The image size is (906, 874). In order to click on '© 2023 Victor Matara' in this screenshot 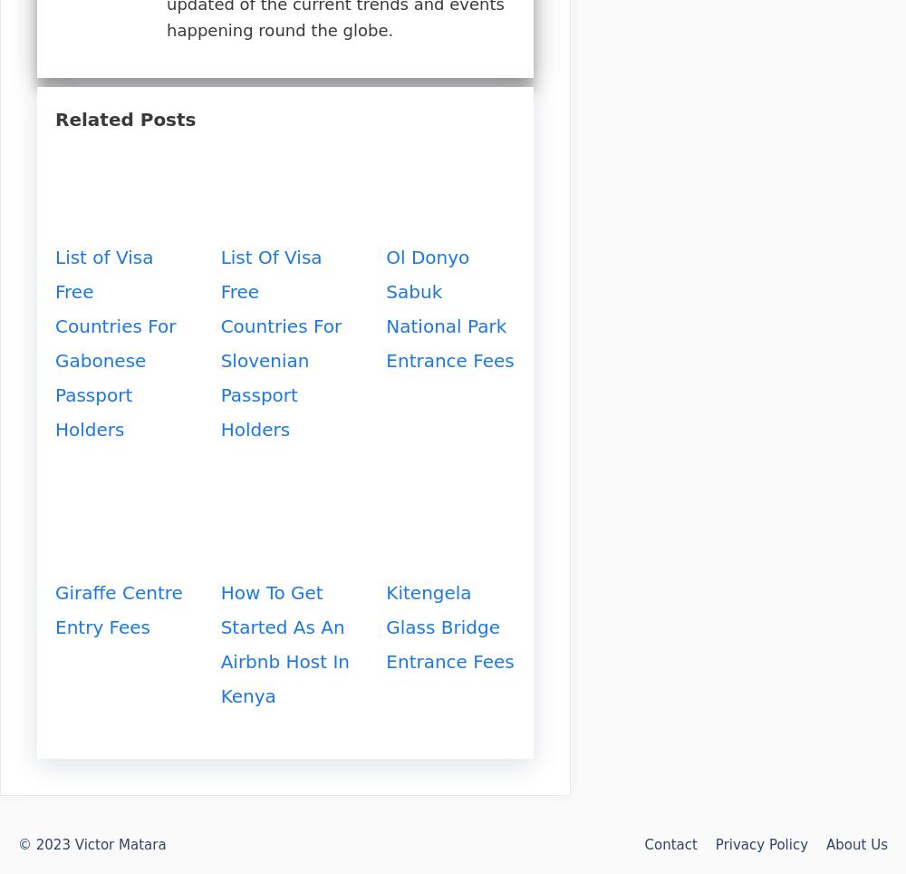, I will do `click(18, 844)`.